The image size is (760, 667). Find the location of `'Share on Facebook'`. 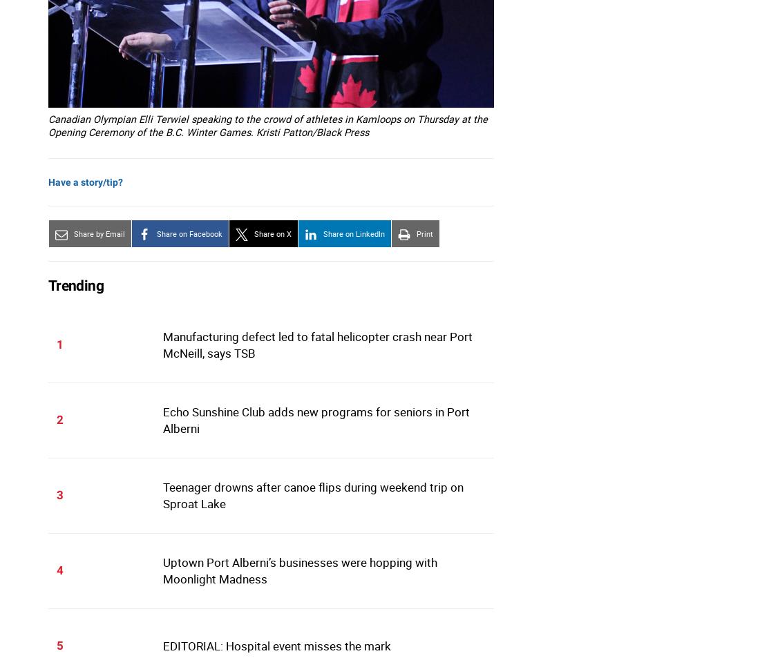

'Share on Facebook' is located at coordinates (189, 233).